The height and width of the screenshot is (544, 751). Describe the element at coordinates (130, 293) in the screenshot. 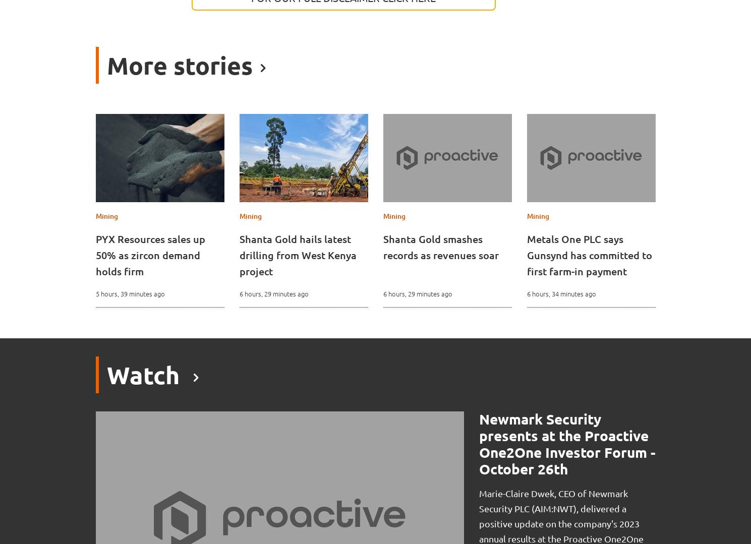

I see `'5 hours, 39 minutes ago'` at that location.